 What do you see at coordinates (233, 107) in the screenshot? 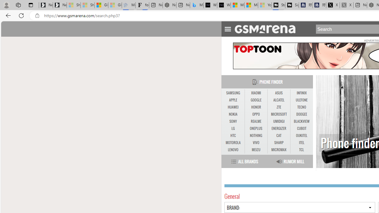
I see `'HUAWEI'` at bounding box center [233, 107].